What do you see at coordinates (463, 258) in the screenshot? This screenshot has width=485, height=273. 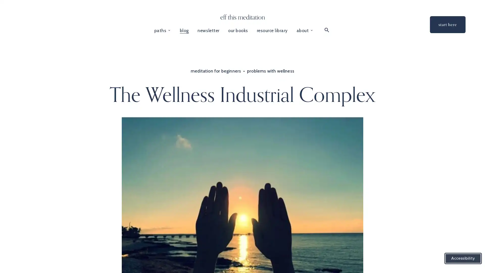 I see `Accessibility Menu` at bounding box center [463, 258].